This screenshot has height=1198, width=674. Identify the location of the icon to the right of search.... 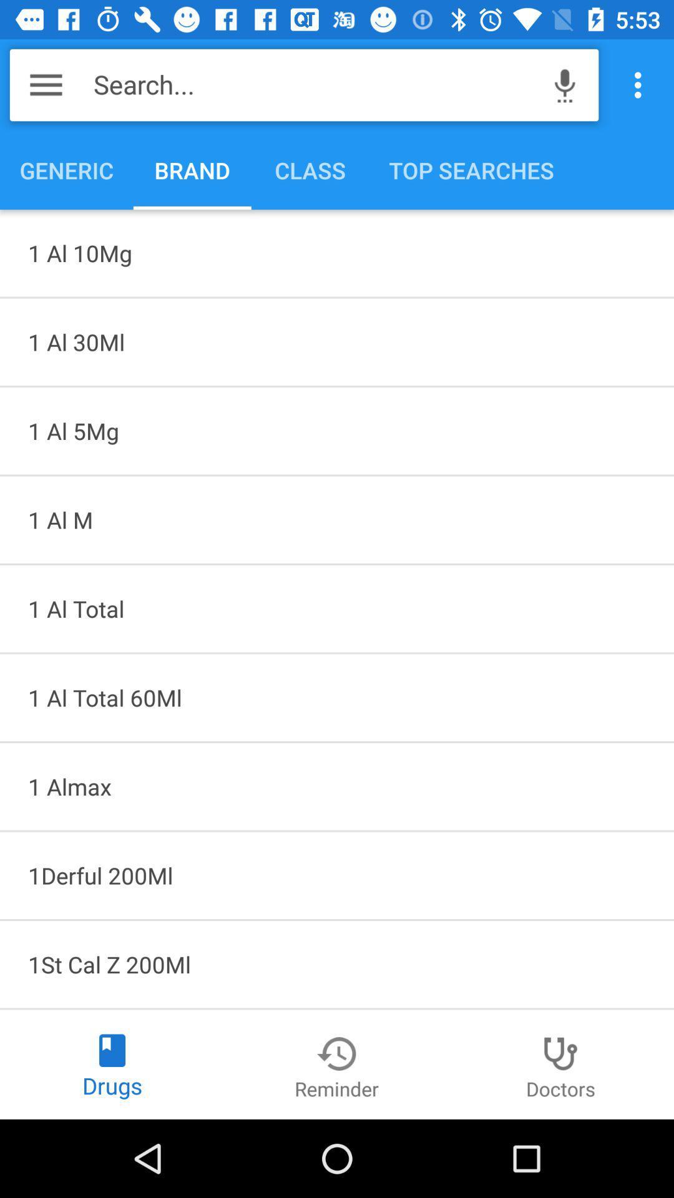
(565, 84).